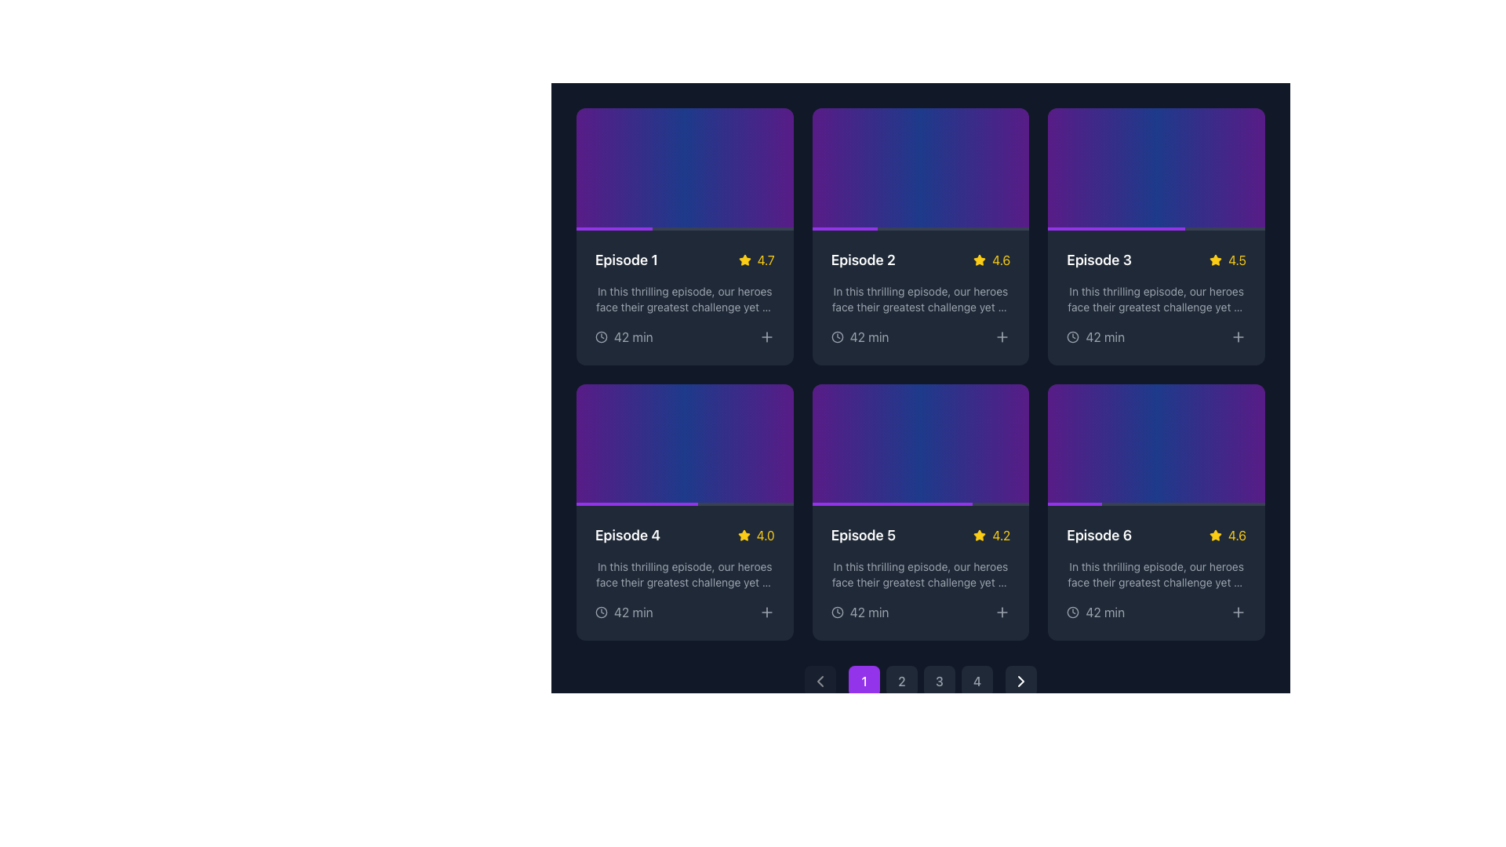  Describe the element at coordinates (921, 228) in the screenshot. I see `progress bar located at the bottom of the 'Episode 2' card, which is a narrow horizontal gray bar with a purple segment indicating progress` at that location.